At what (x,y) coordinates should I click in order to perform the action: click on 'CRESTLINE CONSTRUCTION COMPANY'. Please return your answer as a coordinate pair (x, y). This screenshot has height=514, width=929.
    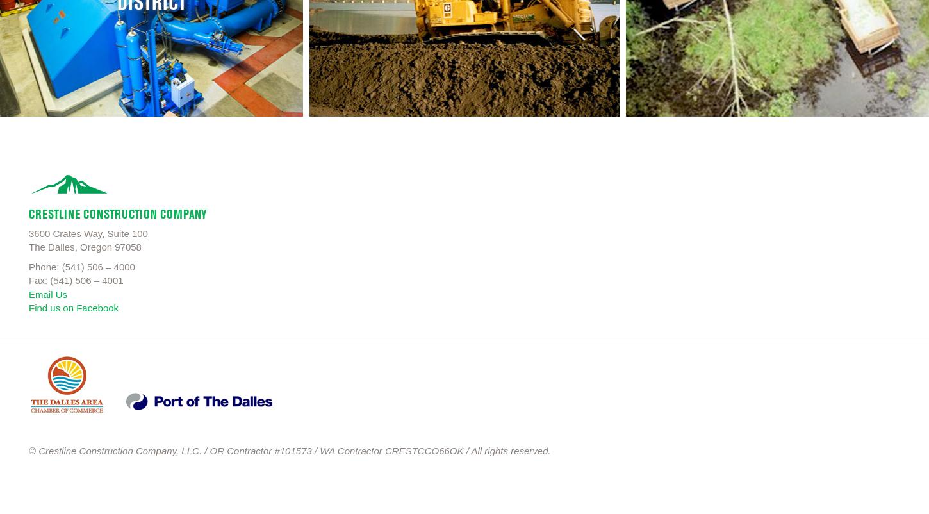
    Looking at the image, I should click on (117, 213).